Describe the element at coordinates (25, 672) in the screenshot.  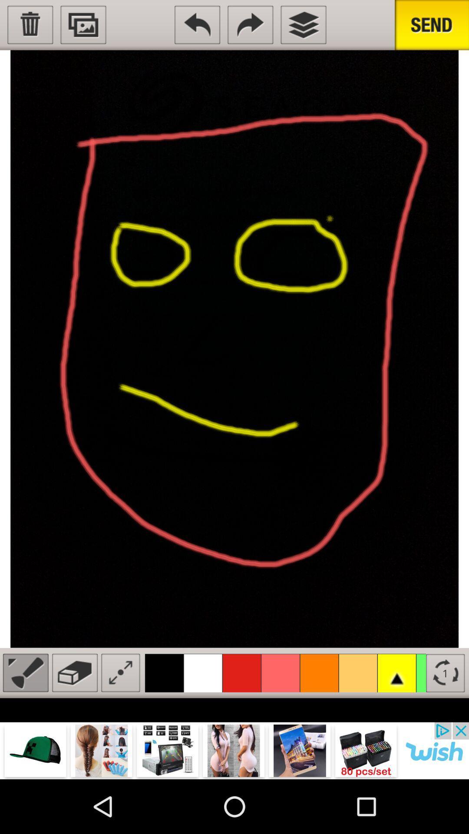
I see `use paint brush` at that location.